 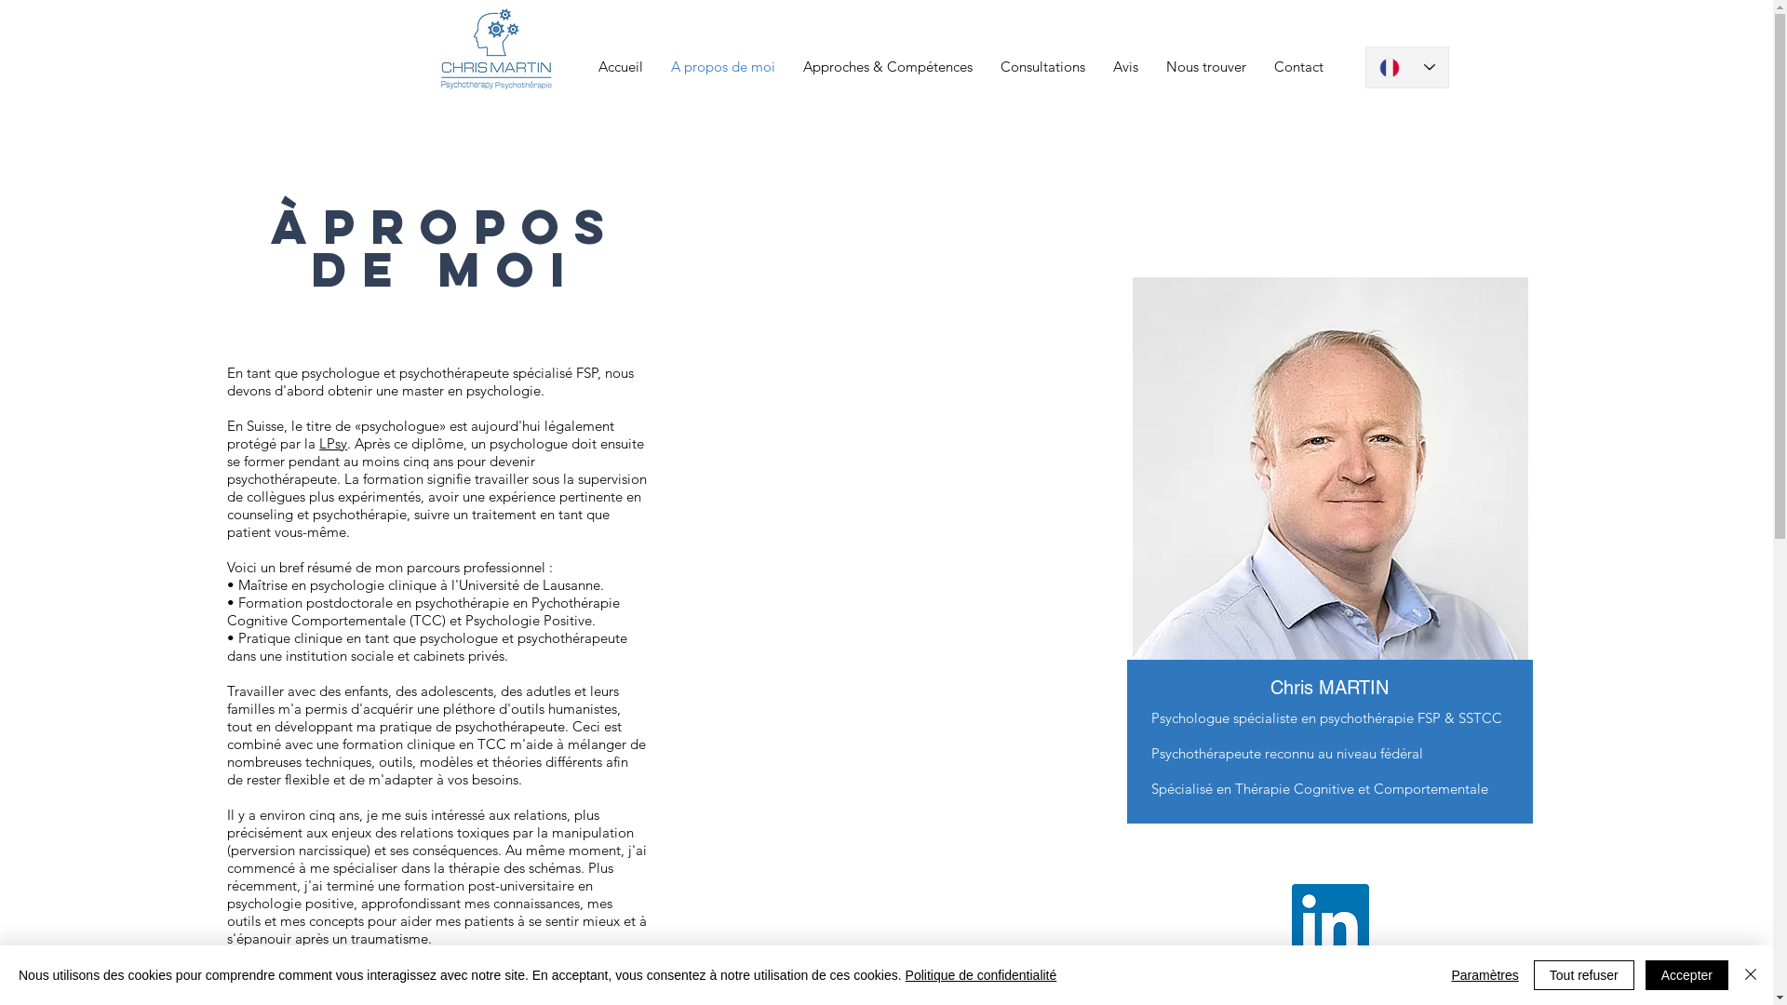 What do you see at coordinates (621, 66) in the screenshot?
I see `'Accueil'` at bounding box center [621, 66].